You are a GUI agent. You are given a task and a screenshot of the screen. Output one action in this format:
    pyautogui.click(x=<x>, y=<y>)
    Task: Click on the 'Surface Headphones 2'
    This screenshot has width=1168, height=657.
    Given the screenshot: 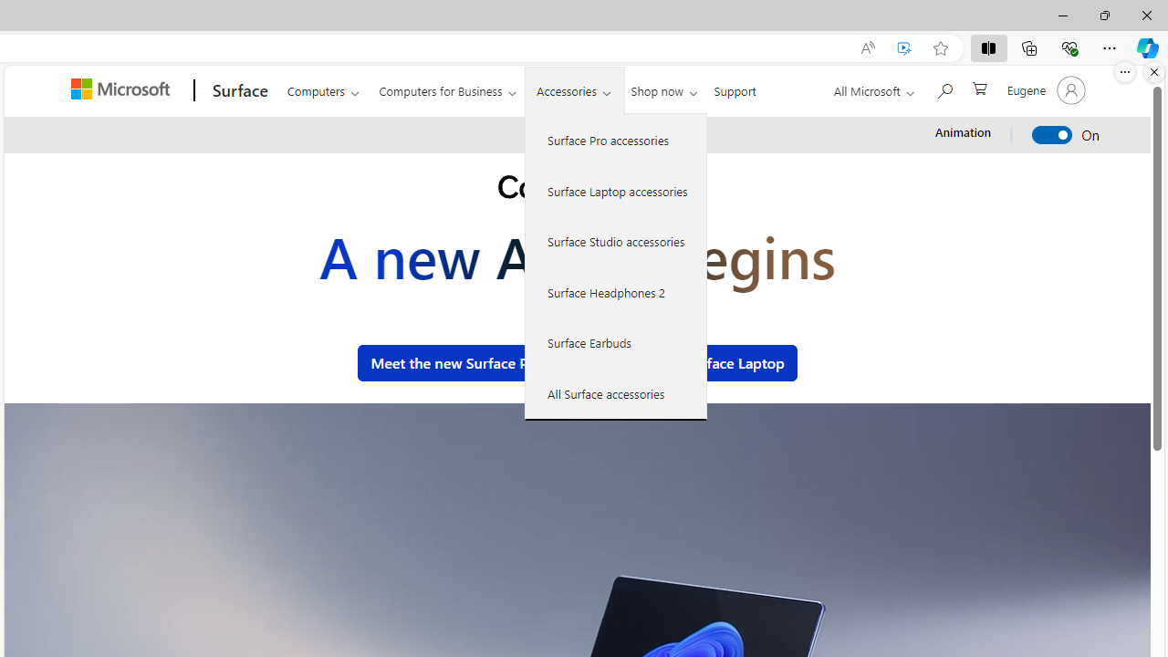 What is the action you would take?
    pyautogui.click(x=616, y=291)
    